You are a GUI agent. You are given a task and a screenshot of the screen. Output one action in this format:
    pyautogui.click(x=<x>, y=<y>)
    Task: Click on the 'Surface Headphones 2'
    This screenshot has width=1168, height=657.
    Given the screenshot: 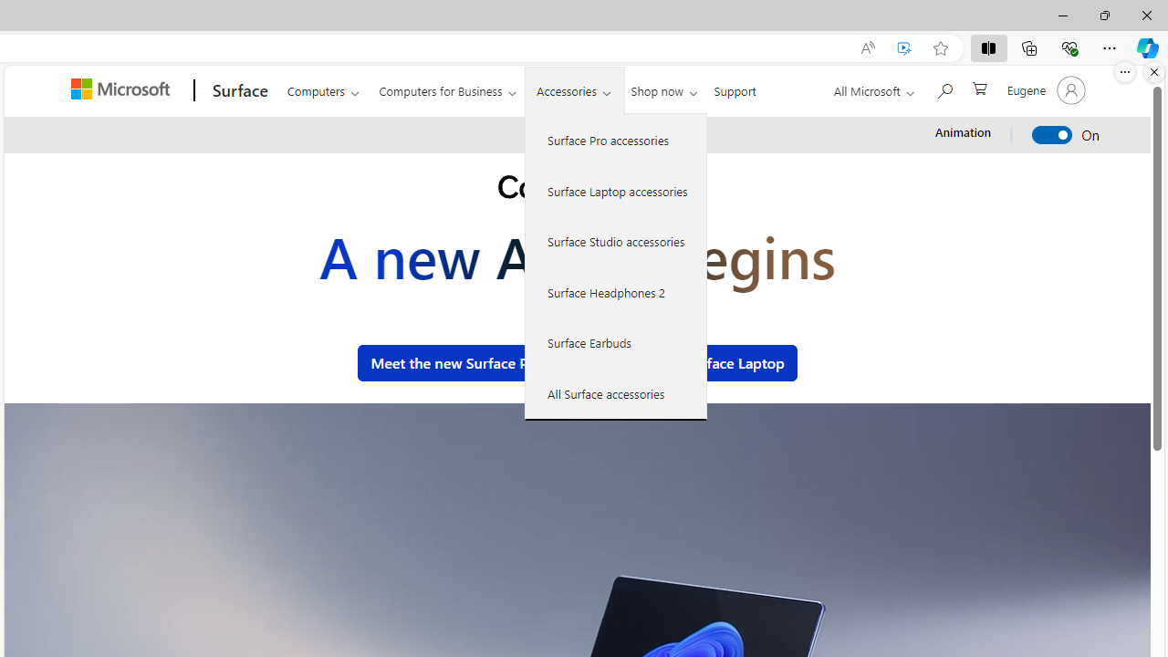 What is the action you would take?
    pyautogui.click(x=616, y=291)
    